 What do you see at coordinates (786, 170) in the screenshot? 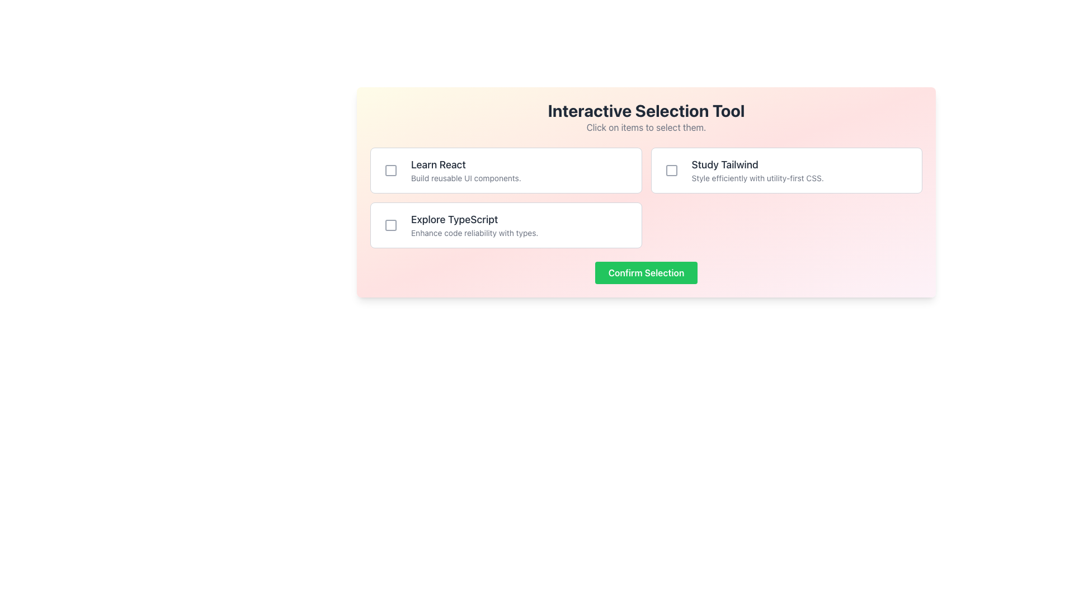
I see `the Checkbox list item titled 'Study Tailwind' which contains the subtitle 'Style efficiently with utility-first CSS.'` at bounding box center [786, 170].